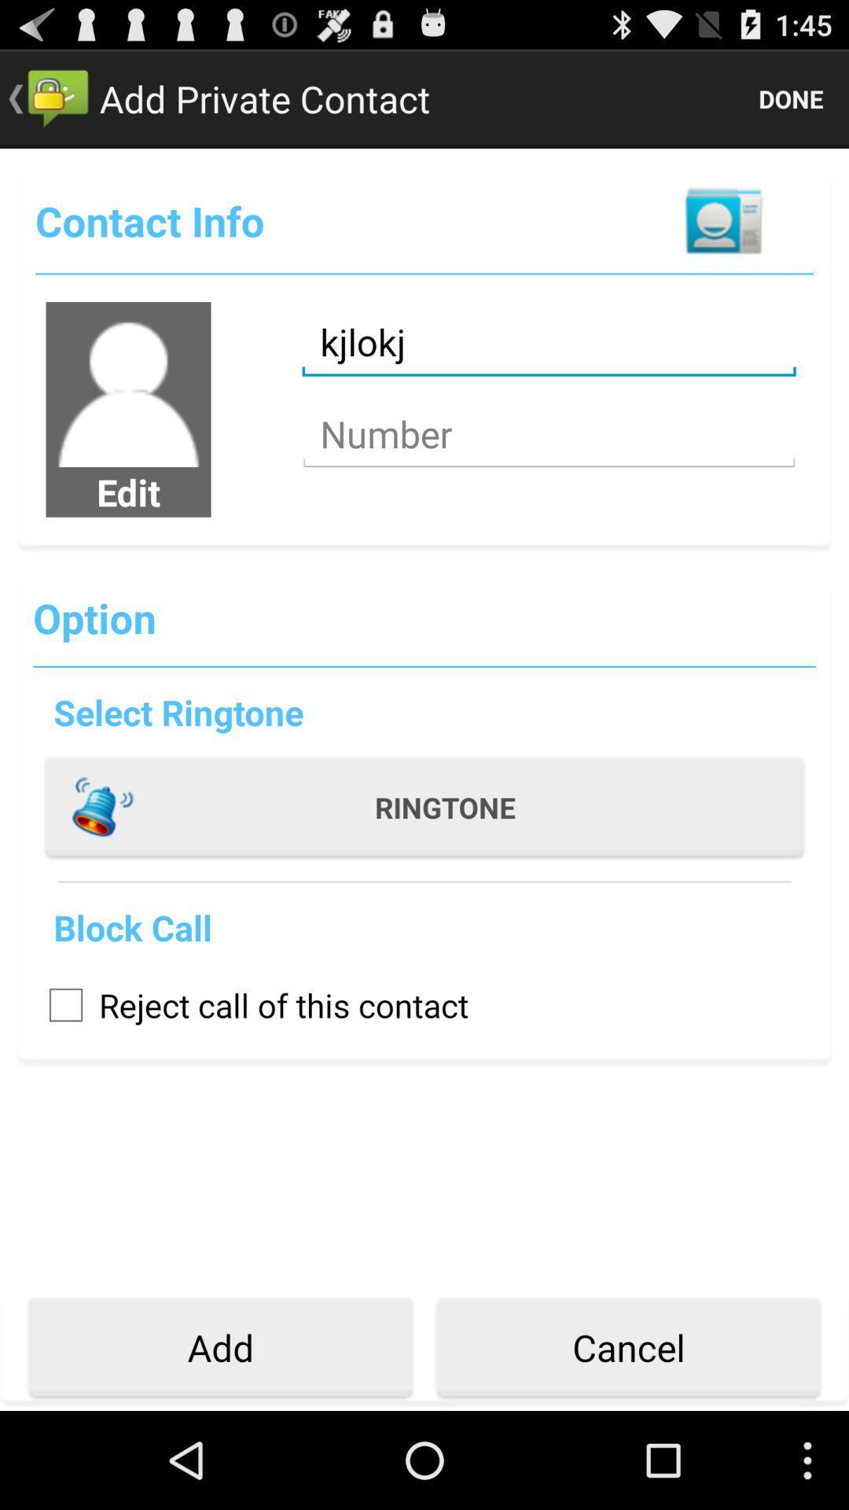 The height and width of the screenshot is (1510, 849). I want to click on contact, so click(723, 220).